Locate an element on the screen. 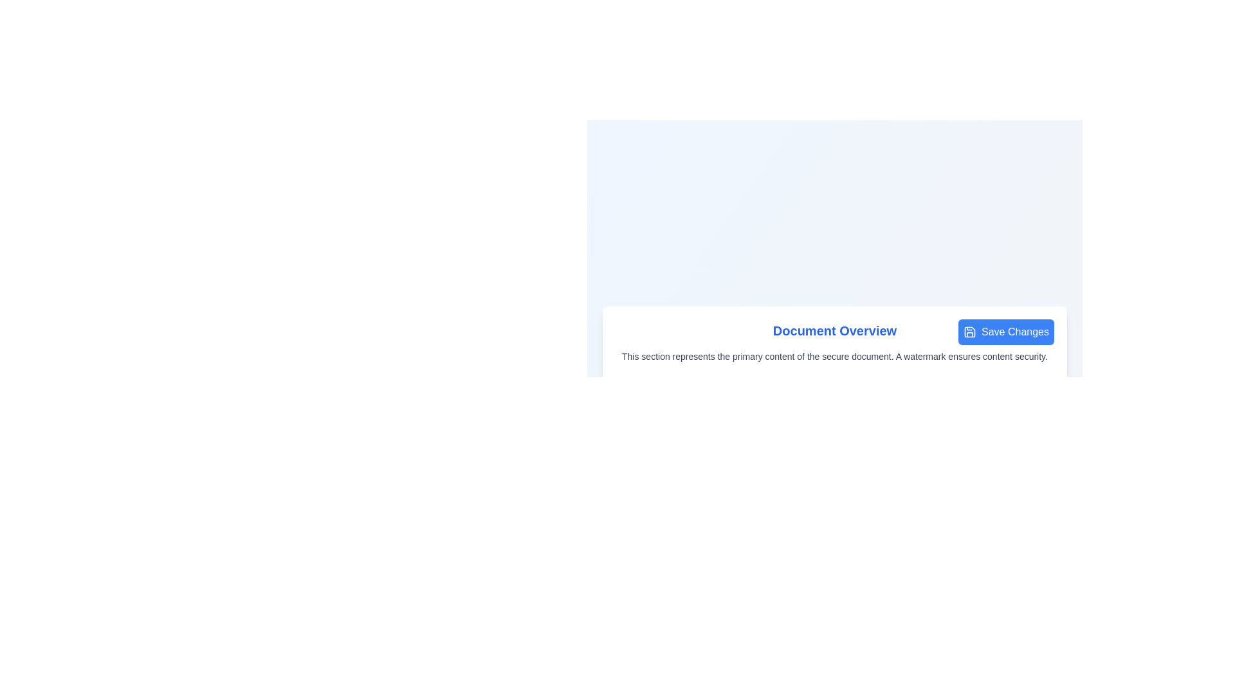  the Informational display section titled 'Document Overview', which features a bold blue heading and a gray description below it, located just below 'Secure Content' is located at coordinates (834, 341).